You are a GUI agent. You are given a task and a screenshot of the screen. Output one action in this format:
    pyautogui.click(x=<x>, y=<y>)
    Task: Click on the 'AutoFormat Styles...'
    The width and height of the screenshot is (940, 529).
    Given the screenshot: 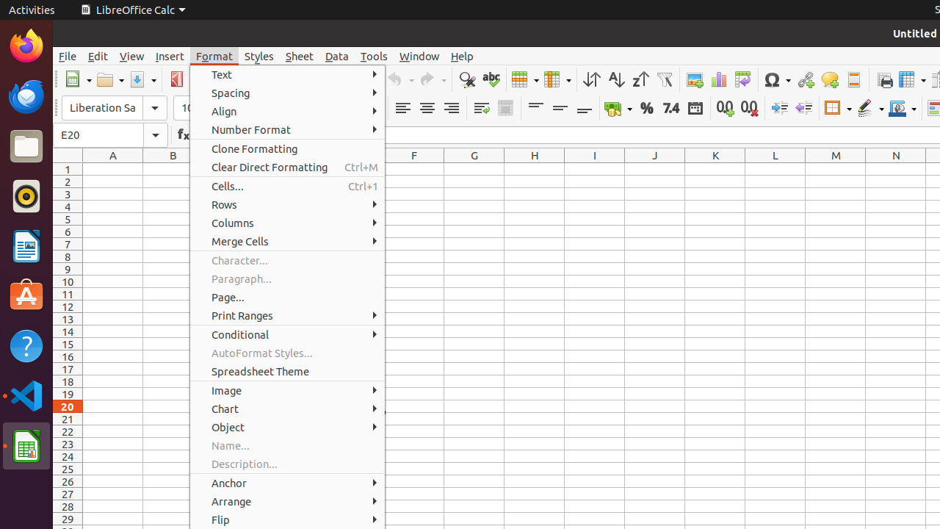 What is the action you would take?
    pyautogui.click(x=287, y=353)
    